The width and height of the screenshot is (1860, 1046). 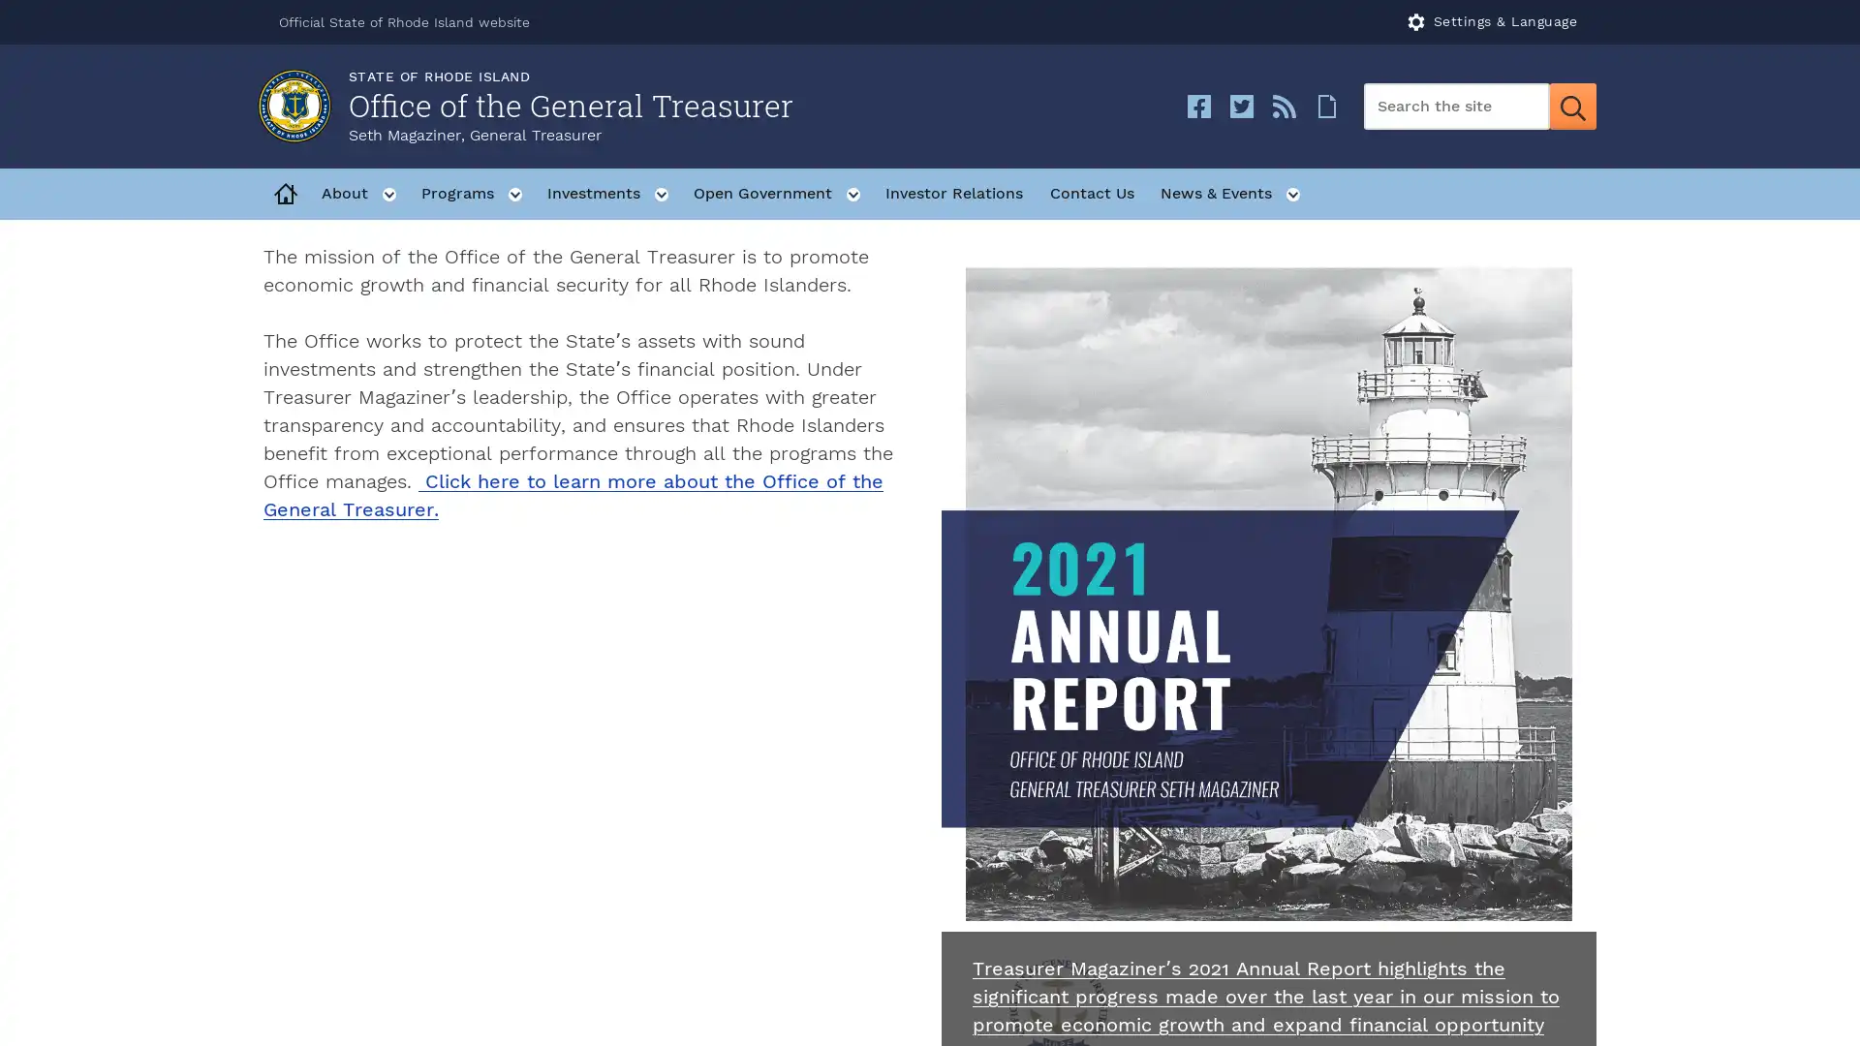 What do you see at coordinates (1572, 107) in the screenshot?
I see `Submit` at bounding box center [1572, 107].